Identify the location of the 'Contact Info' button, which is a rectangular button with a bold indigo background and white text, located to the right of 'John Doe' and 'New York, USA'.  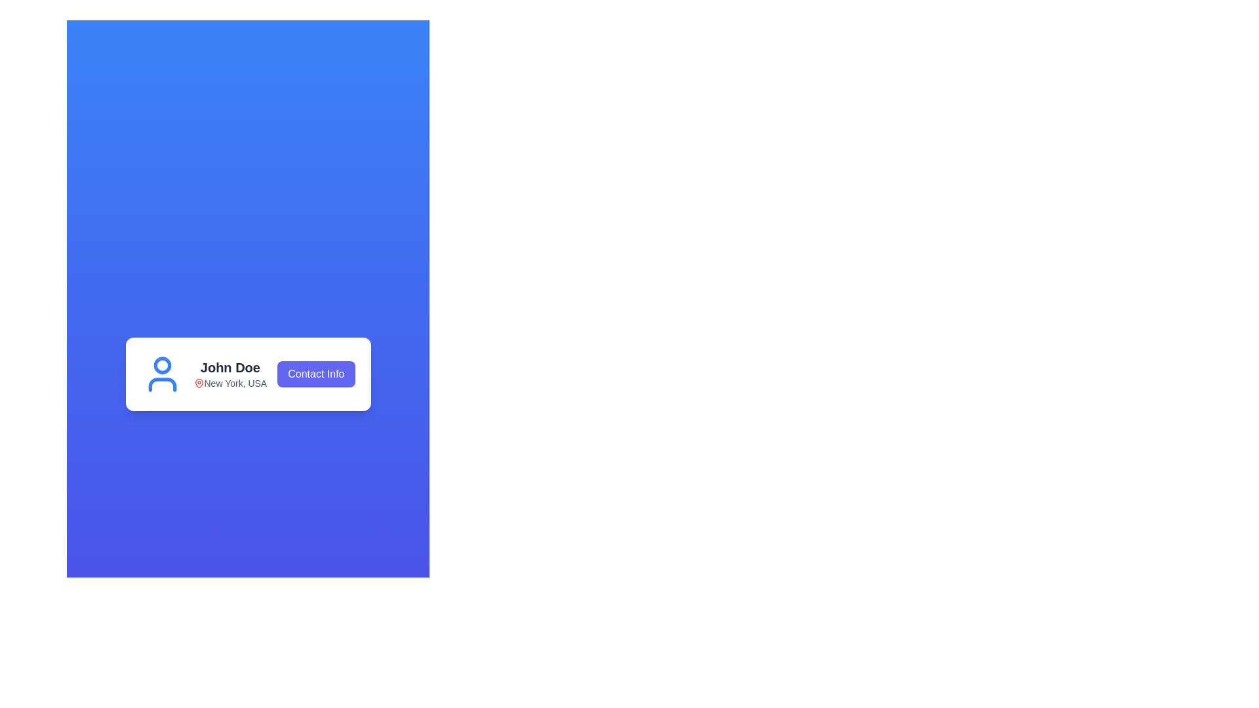
(316, 374).